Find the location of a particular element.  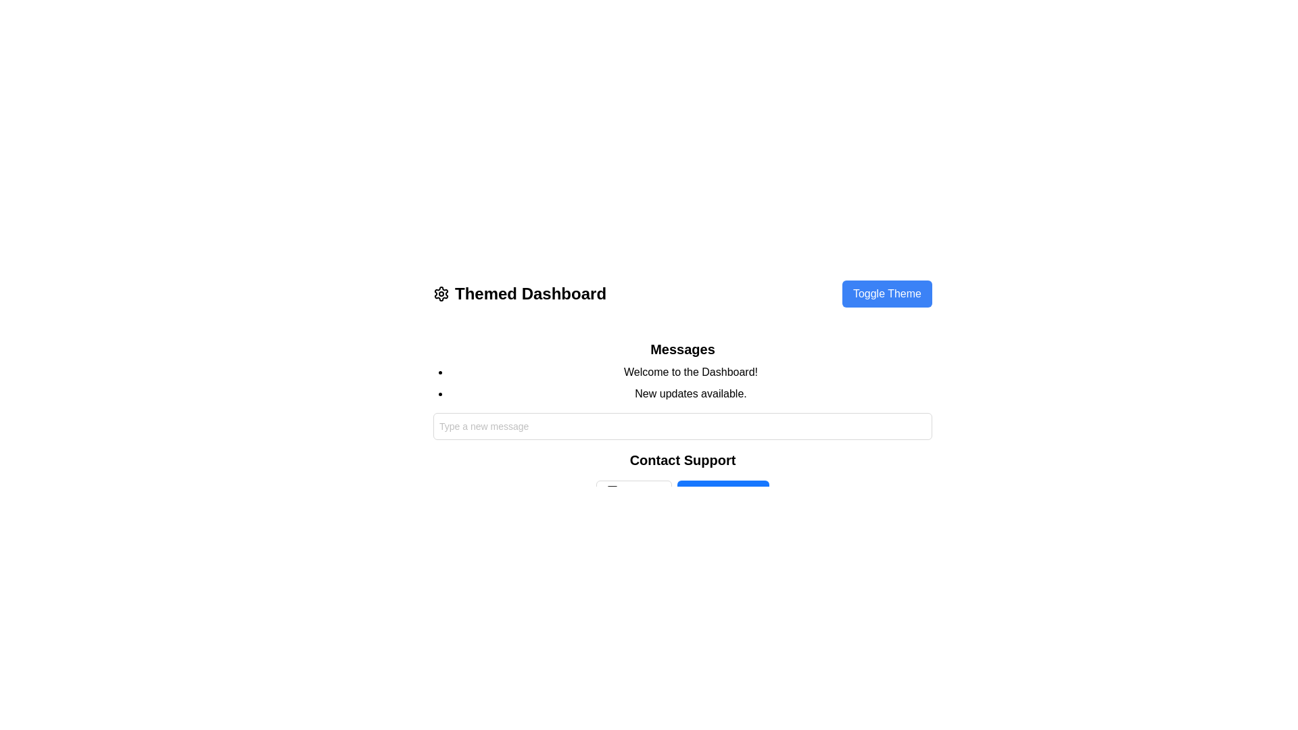

the gear-shaped icon, which is outlined in black and located to the left of the text 'Themed Dashboard' is located at coordinates (441, 293).